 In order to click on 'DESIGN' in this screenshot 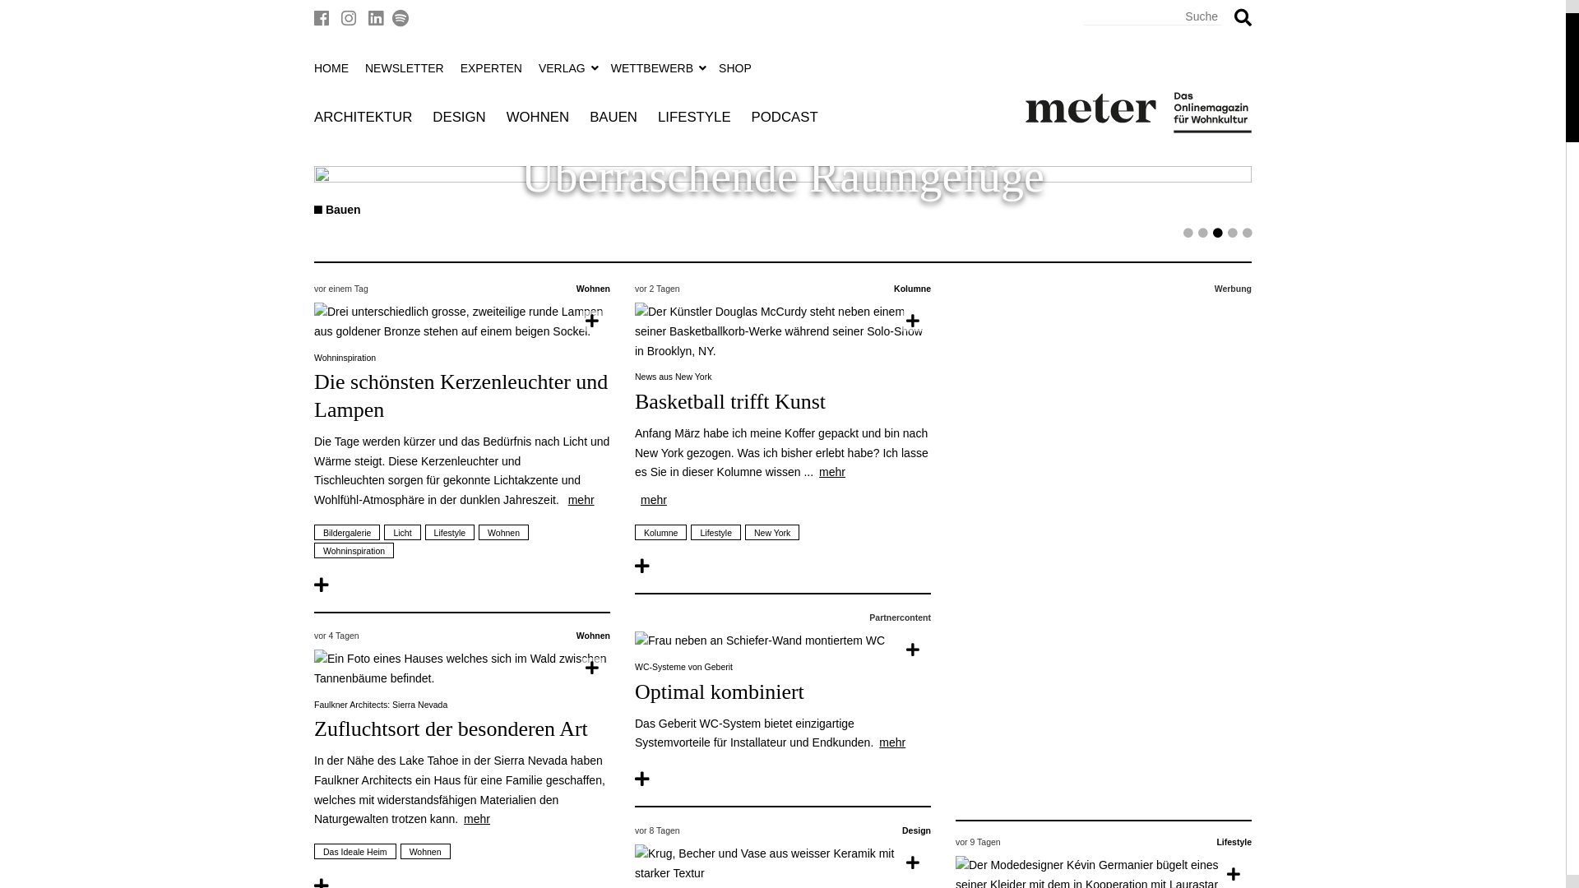, I will do `click(458, 117)`.